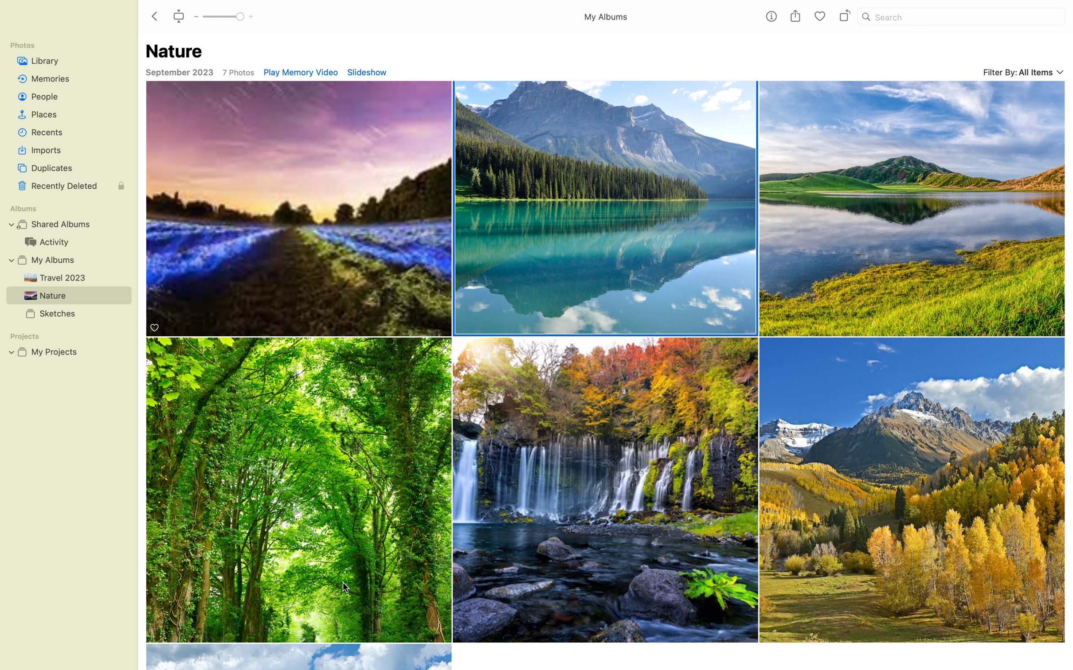 This screenshot has width=1073, height=670. What do you see at coordinates (606, 208) in the screenshot?
I see `the "Nature" class from the dropdown menu` at bounding box center [606, 208].